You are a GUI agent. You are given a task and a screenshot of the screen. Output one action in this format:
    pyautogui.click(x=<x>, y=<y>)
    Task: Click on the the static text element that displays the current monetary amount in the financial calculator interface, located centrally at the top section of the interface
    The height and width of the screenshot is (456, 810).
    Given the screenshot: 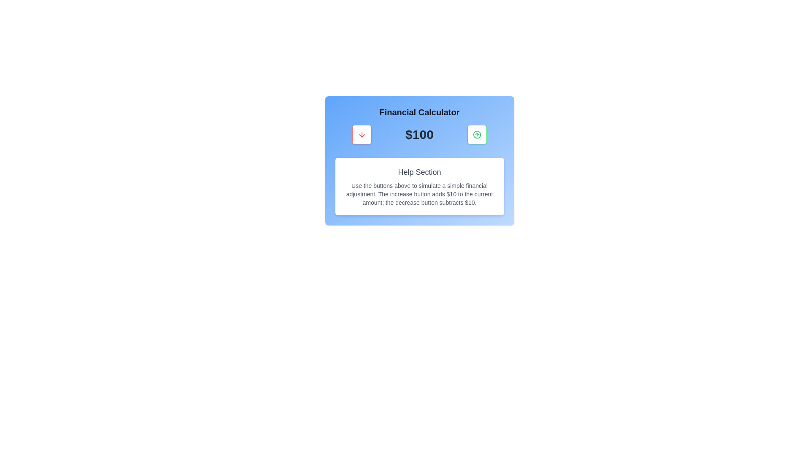 What is the action you would take?
    pyautogui.click(x=419, y=134)
    